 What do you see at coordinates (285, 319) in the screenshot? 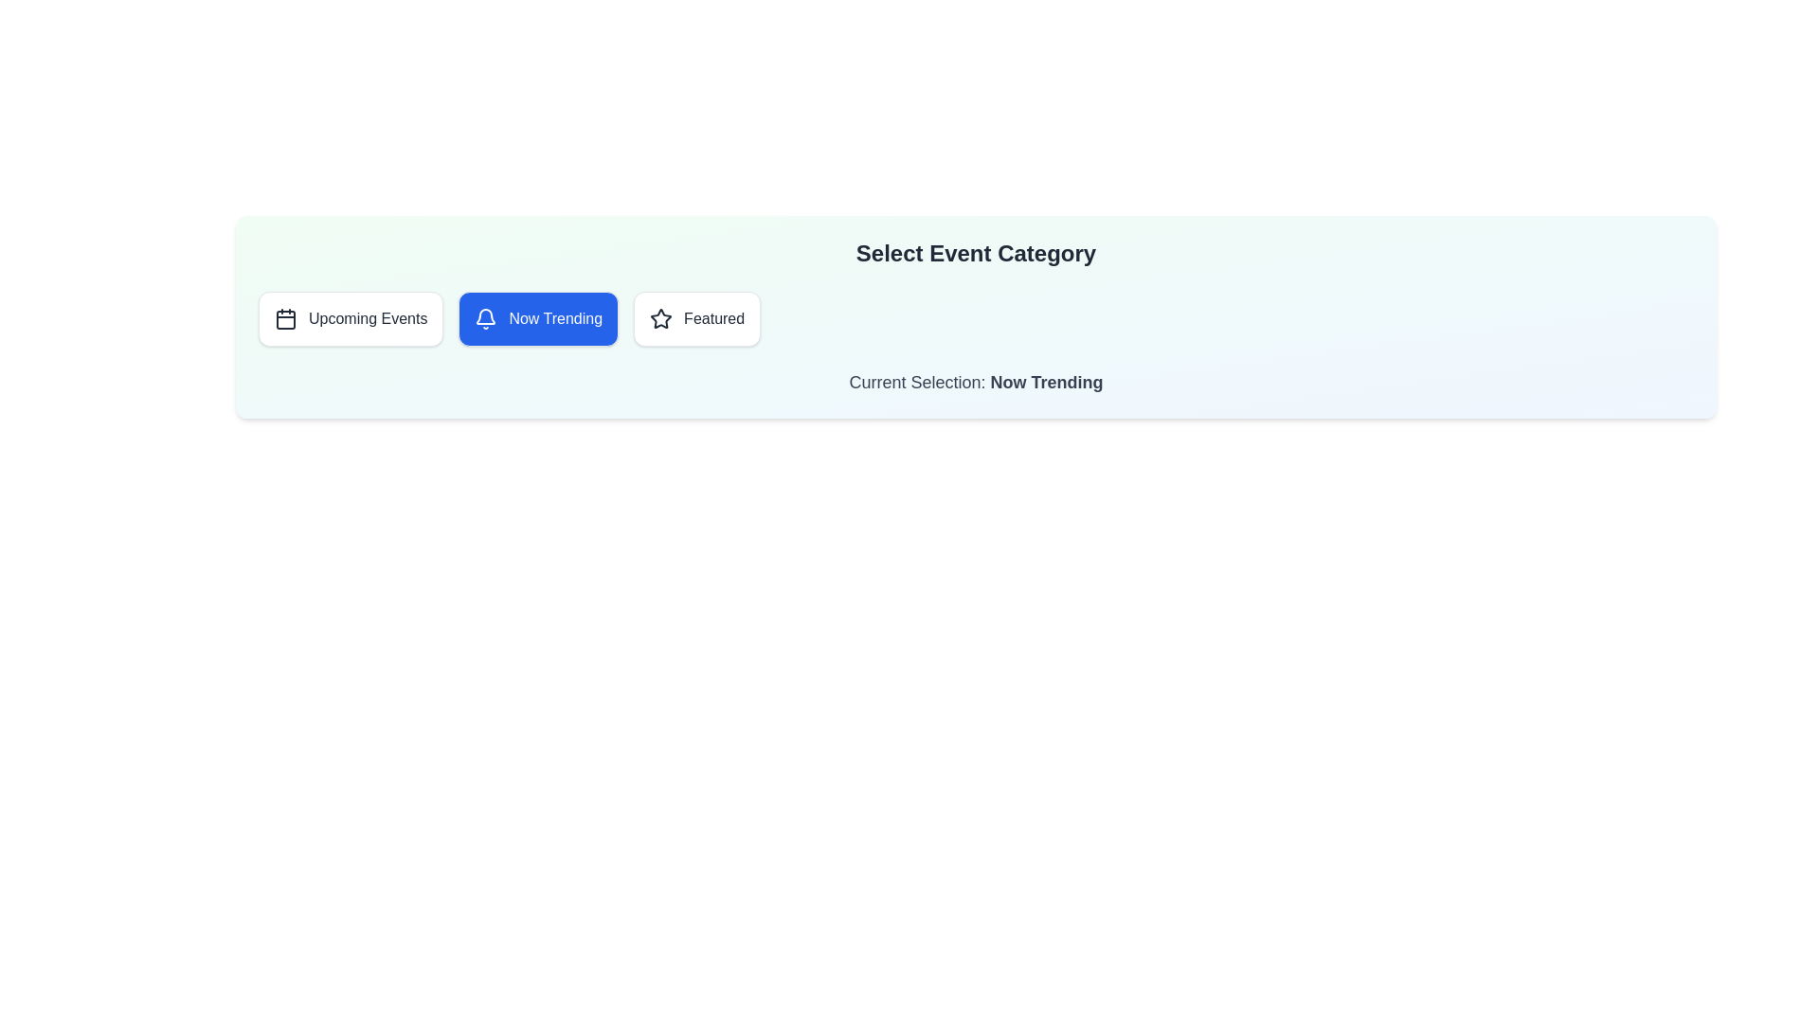
I see `the shaded rectangular element within the calendar icon, which has rounded corners and is located in the selection bar at the top of the interface` at bounding box center [285, 319].